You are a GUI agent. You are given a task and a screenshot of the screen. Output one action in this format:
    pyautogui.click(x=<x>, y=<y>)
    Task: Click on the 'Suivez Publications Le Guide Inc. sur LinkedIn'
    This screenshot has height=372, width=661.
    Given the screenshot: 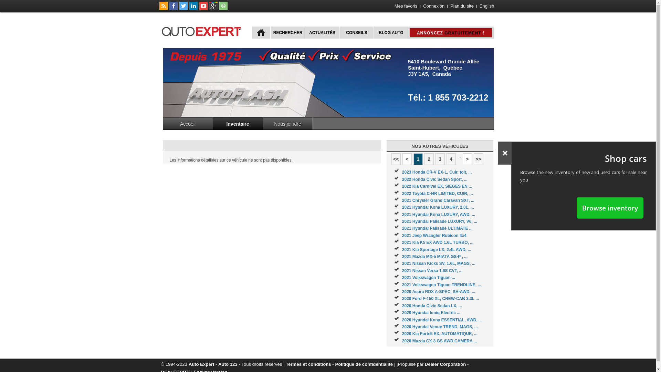 What is the action you would take?
    pyautogui.click(x=193, y=8)
    